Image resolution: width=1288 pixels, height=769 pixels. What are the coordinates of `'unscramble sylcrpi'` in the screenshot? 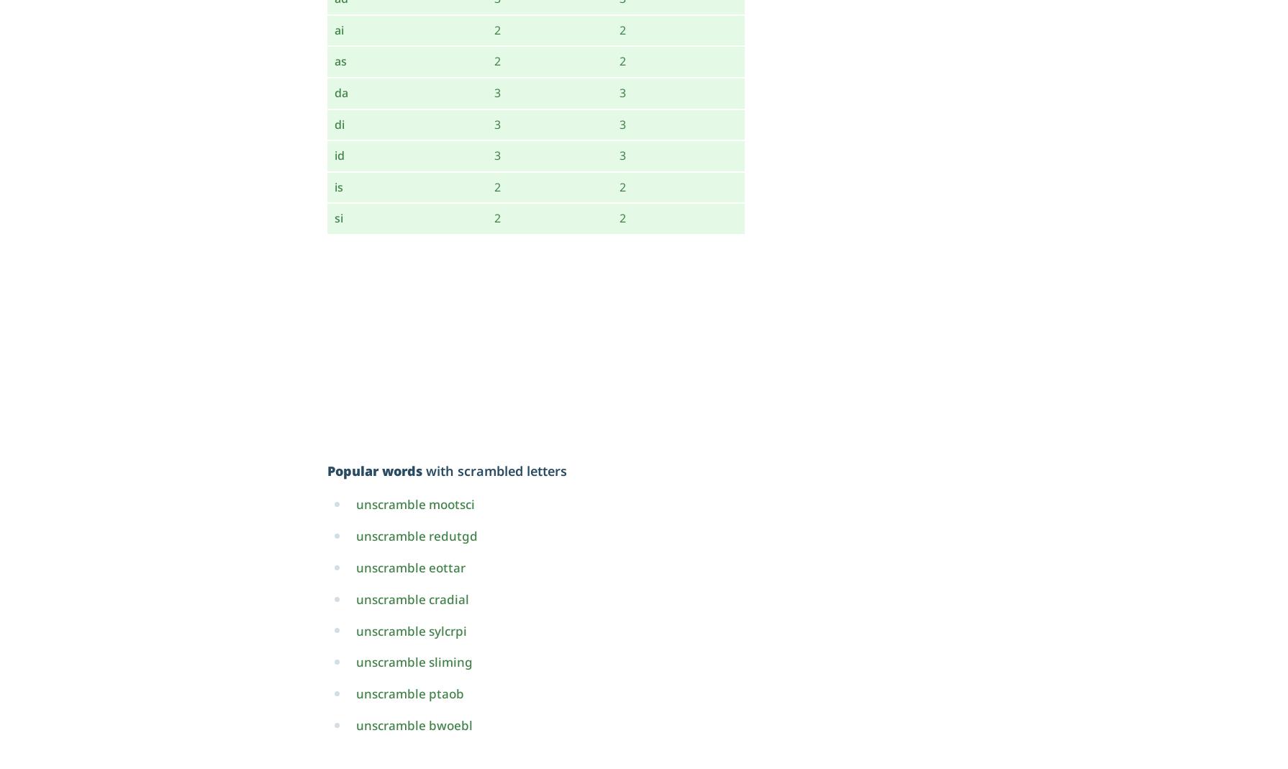 It's located at (411, 629).